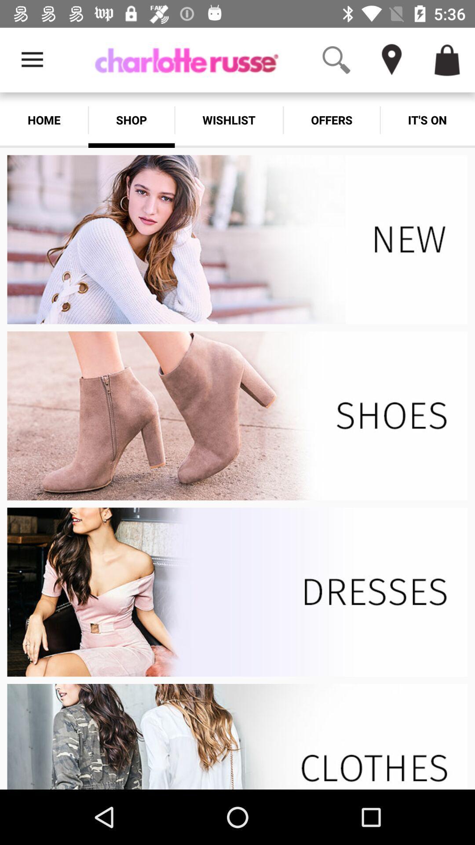 Image resolution: width=475 pixels, height=845 pixels. I want to click on move to its on  tab, so click(427, 120).